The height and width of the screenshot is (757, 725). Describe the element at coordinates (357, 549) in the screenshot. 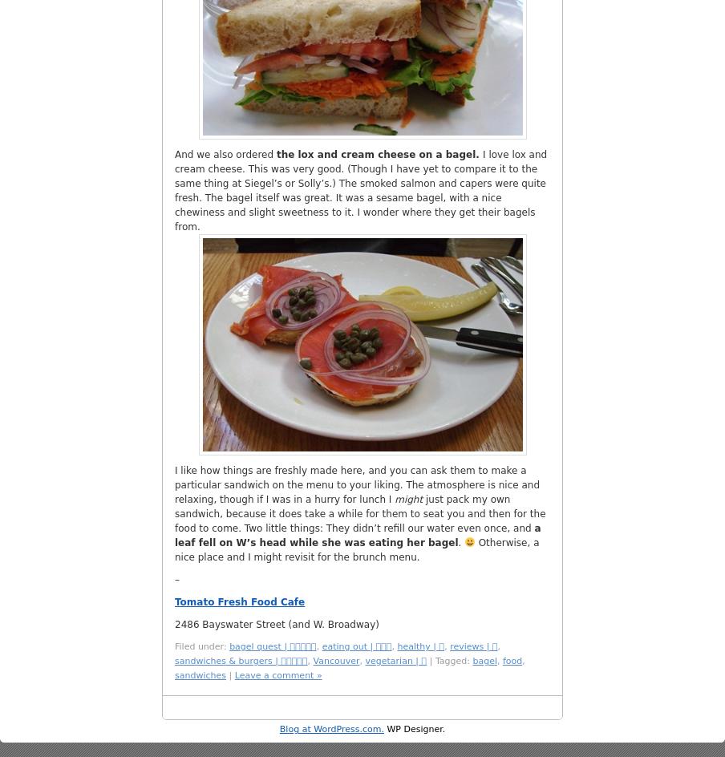

I see `'Otherwise, a nice place and I might revisit for the brunch menu.'` at that location.